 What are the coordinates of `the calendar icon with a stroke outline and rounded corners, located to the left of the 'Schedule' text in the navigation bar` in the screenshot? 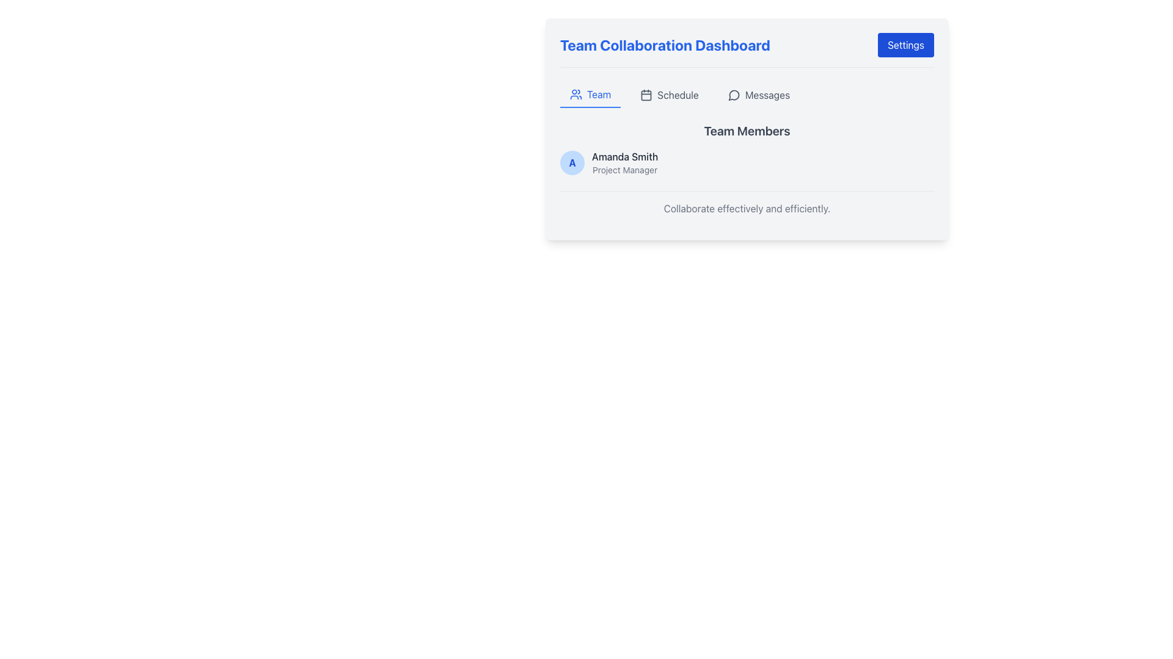 It's located at (646, 94).